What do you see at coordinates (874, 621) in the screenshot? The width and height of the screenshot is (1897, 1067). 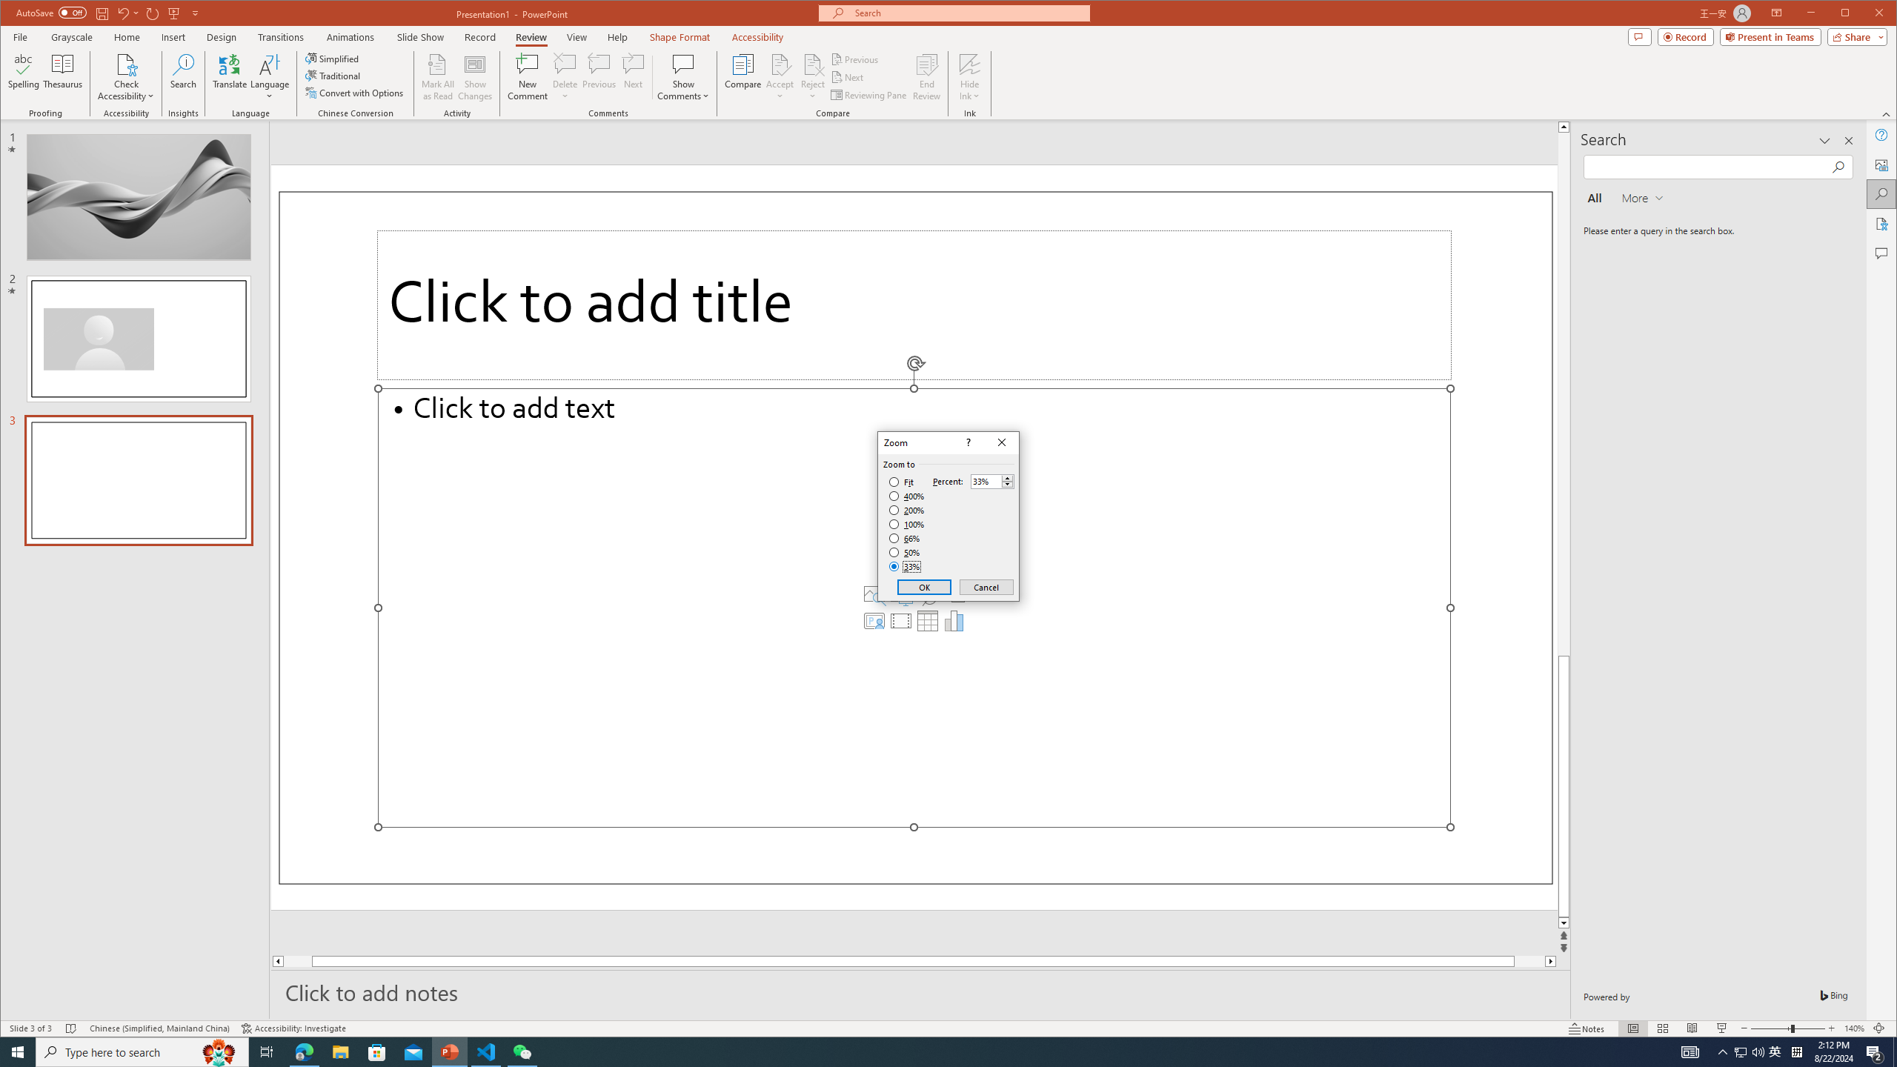 I see `'Insert Cameo'` at bounding box center [874, 621].